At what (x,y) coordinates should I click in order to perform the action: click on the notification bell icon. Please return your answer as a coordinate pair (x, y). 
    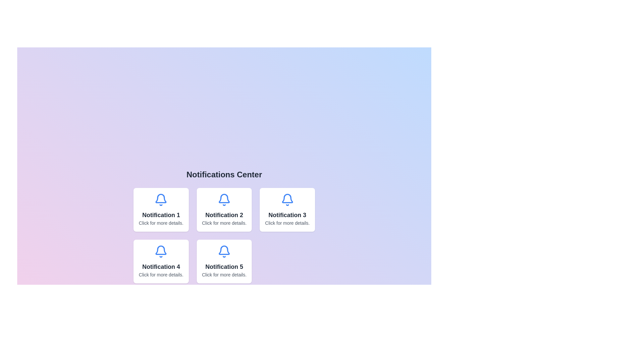
    Looking at the image, I should click on (161, 199).